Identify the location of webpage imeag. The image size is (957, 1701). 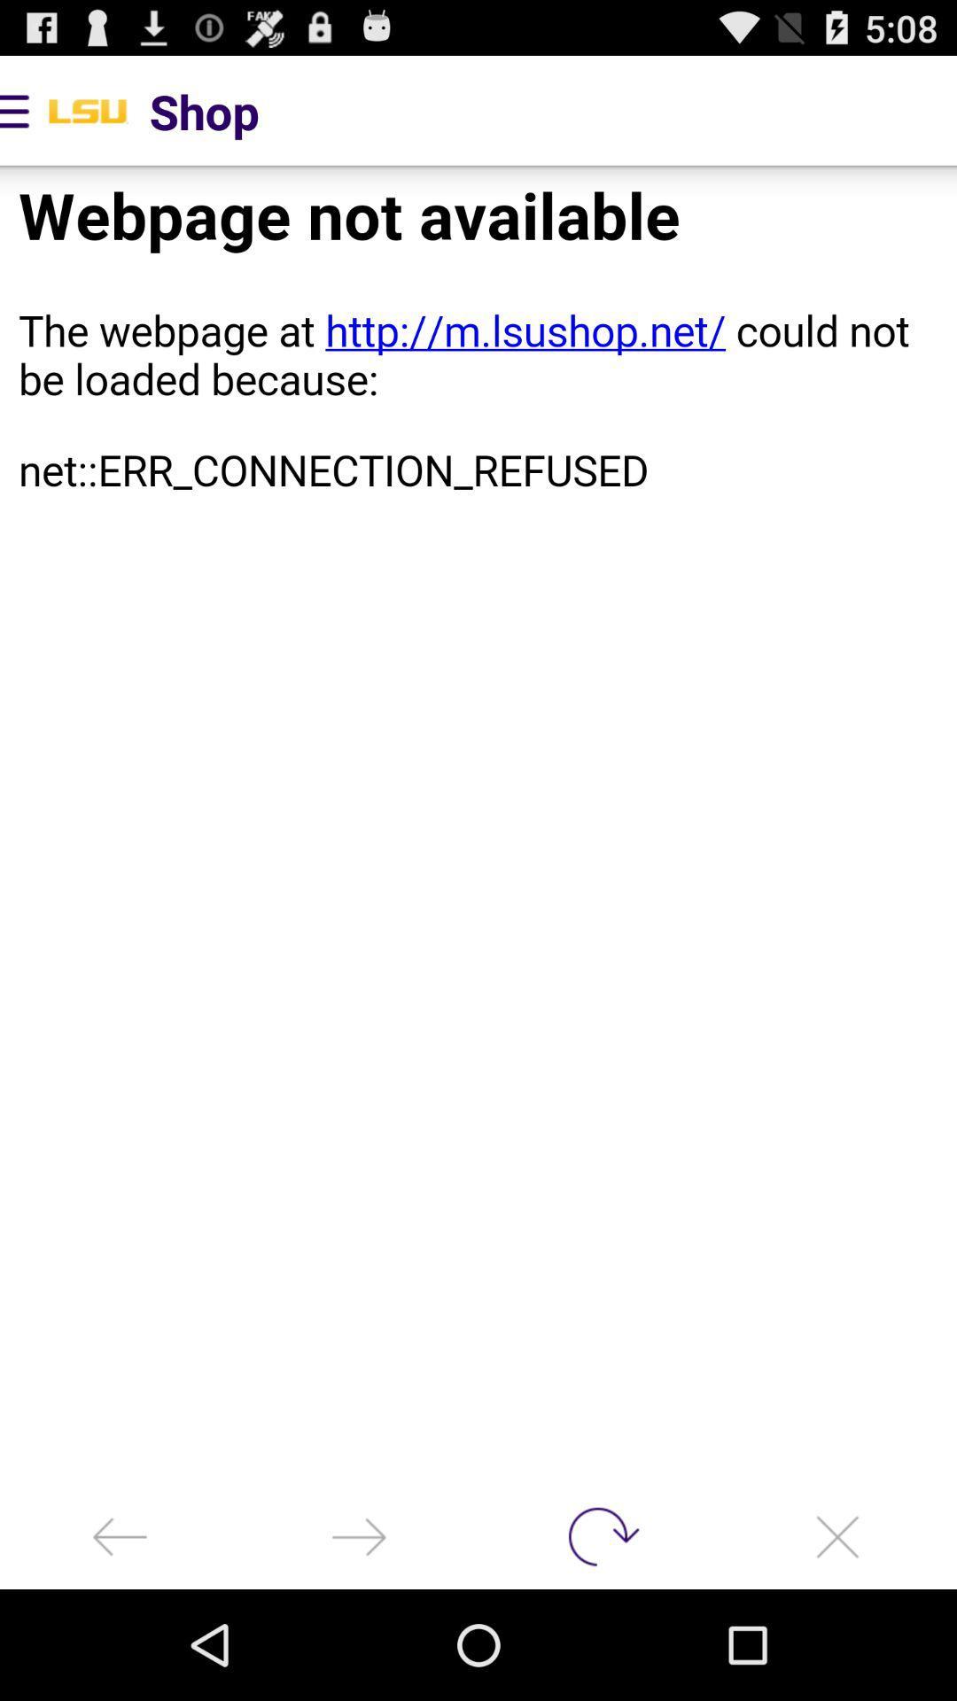
(478, 825).